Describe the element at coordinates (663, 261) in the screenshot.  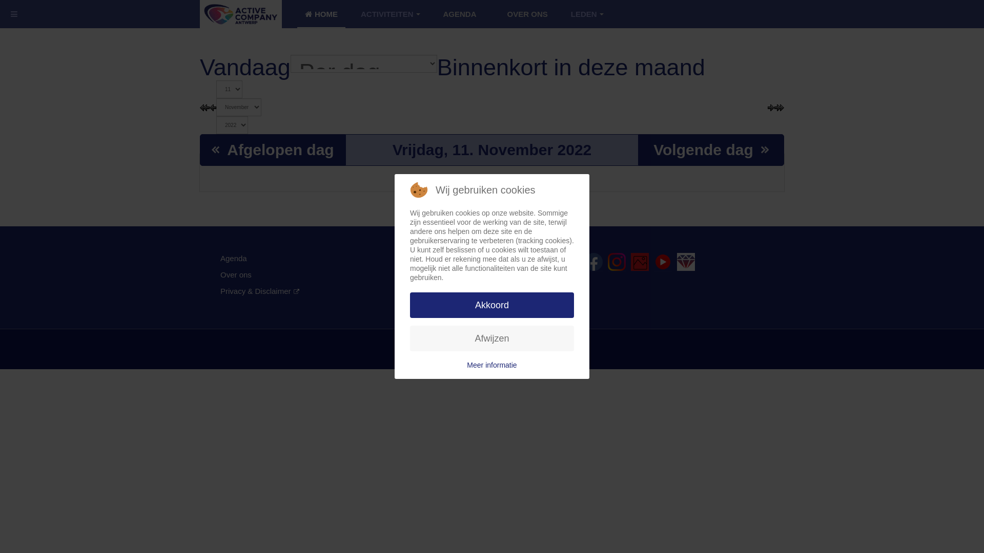
I see `'Video'` at that location.